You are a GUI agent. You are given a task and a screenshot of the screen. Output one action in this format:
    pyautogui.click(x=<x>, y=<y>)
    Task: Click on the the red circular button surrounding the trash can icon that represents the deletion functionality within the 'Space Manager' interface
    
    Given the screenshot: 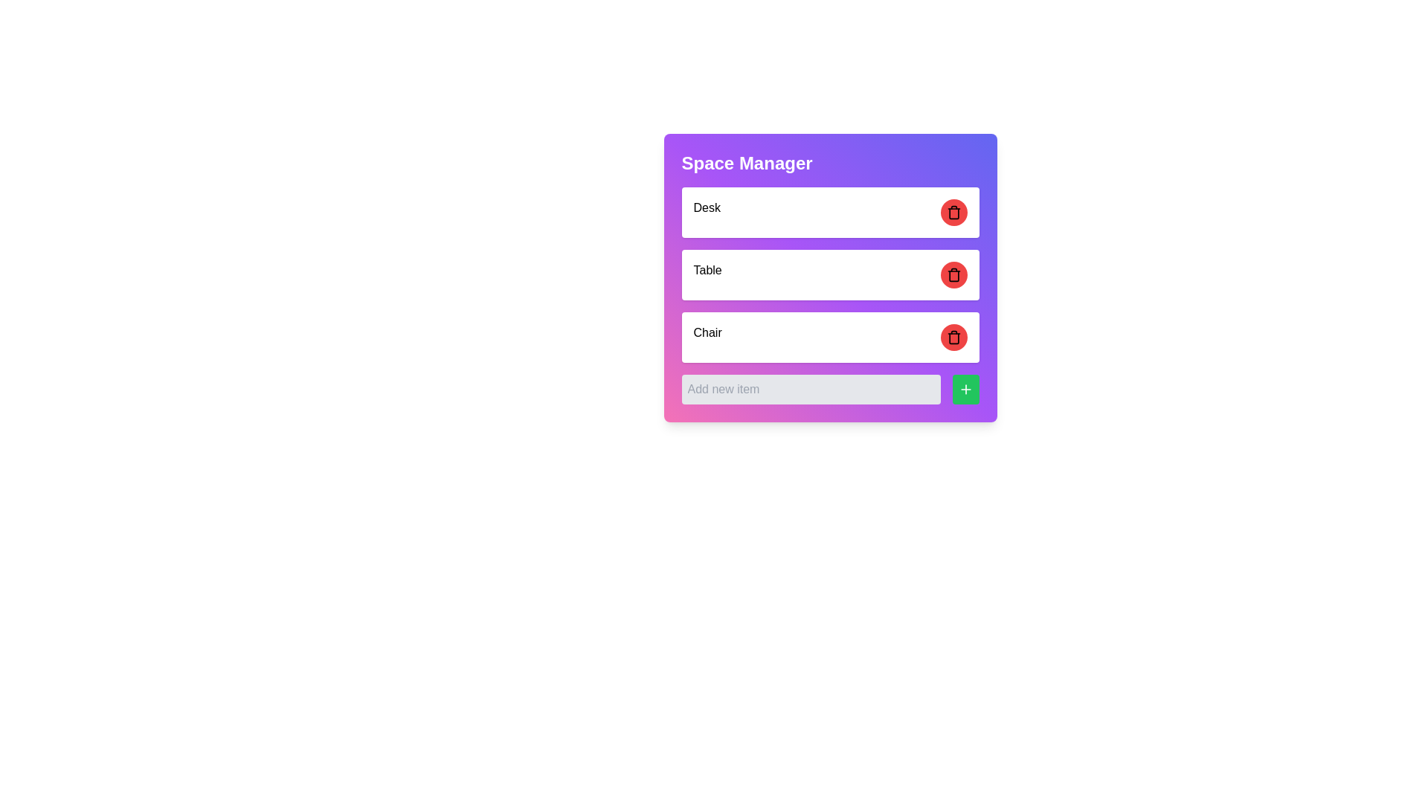 What is the action you would take?
    pyautogui.click(x=953, y=213)
    